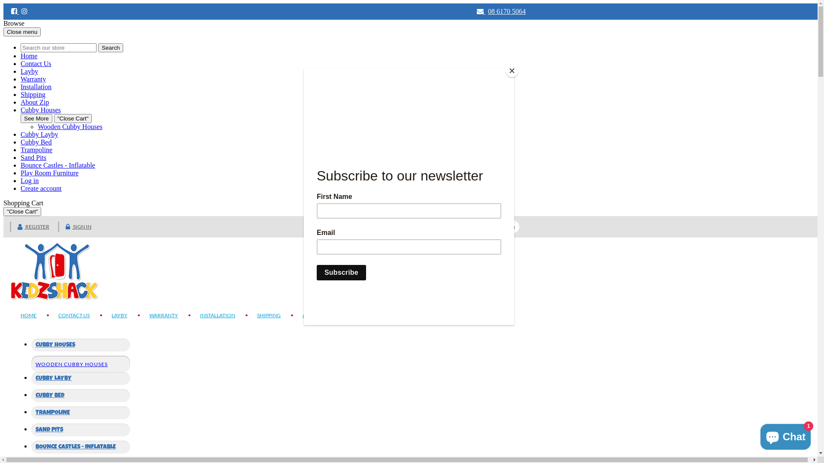 The height and width of the screenshot is (463, 824). What do you see at coordinates (28, 315) in the screenshot?
I see `'HOME'` at bounding box center [28, 315].